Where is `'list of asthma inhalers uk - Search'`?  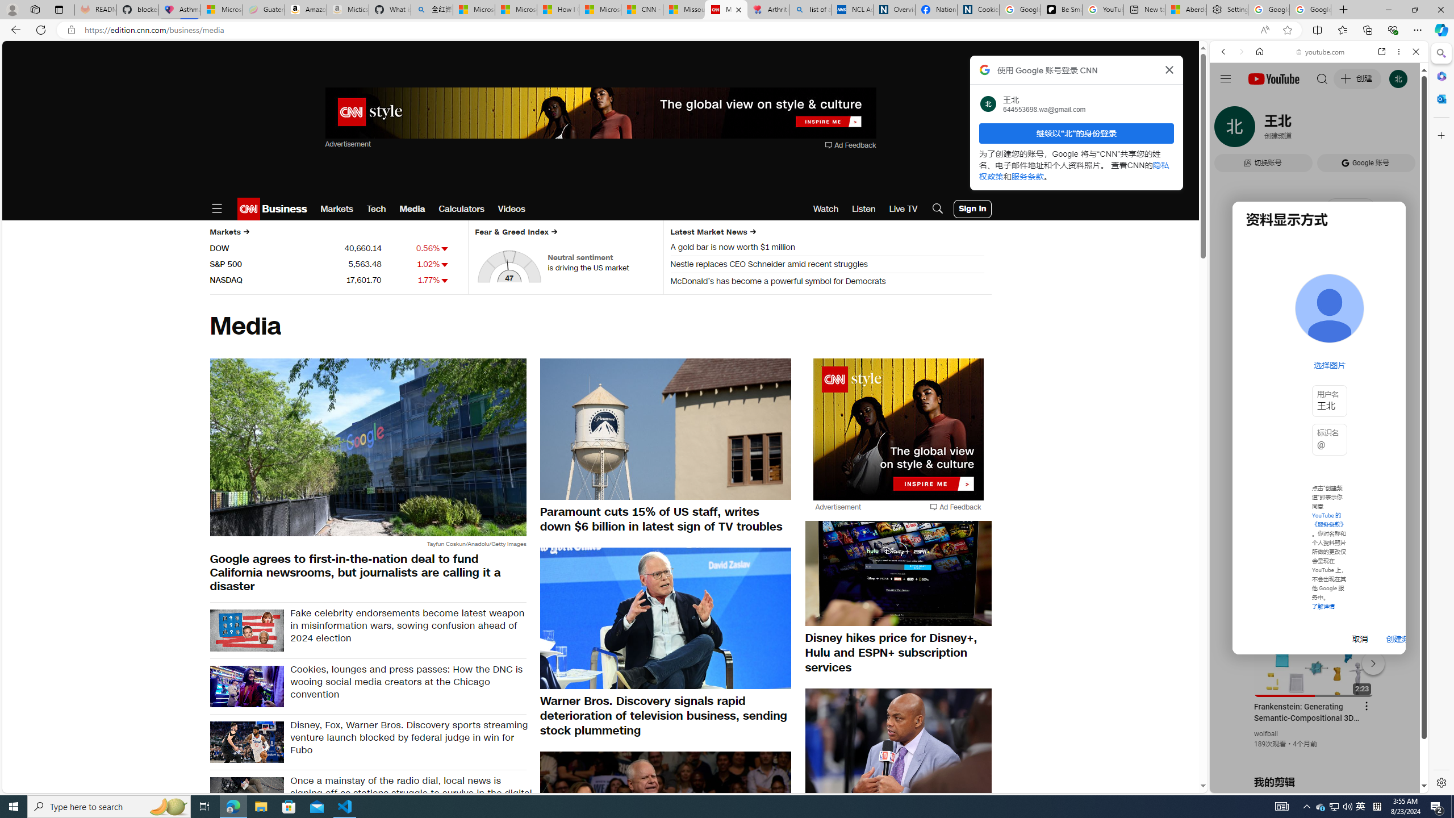
'list of asthma inhalers uk - Search' is located at coordinates (809, 9).